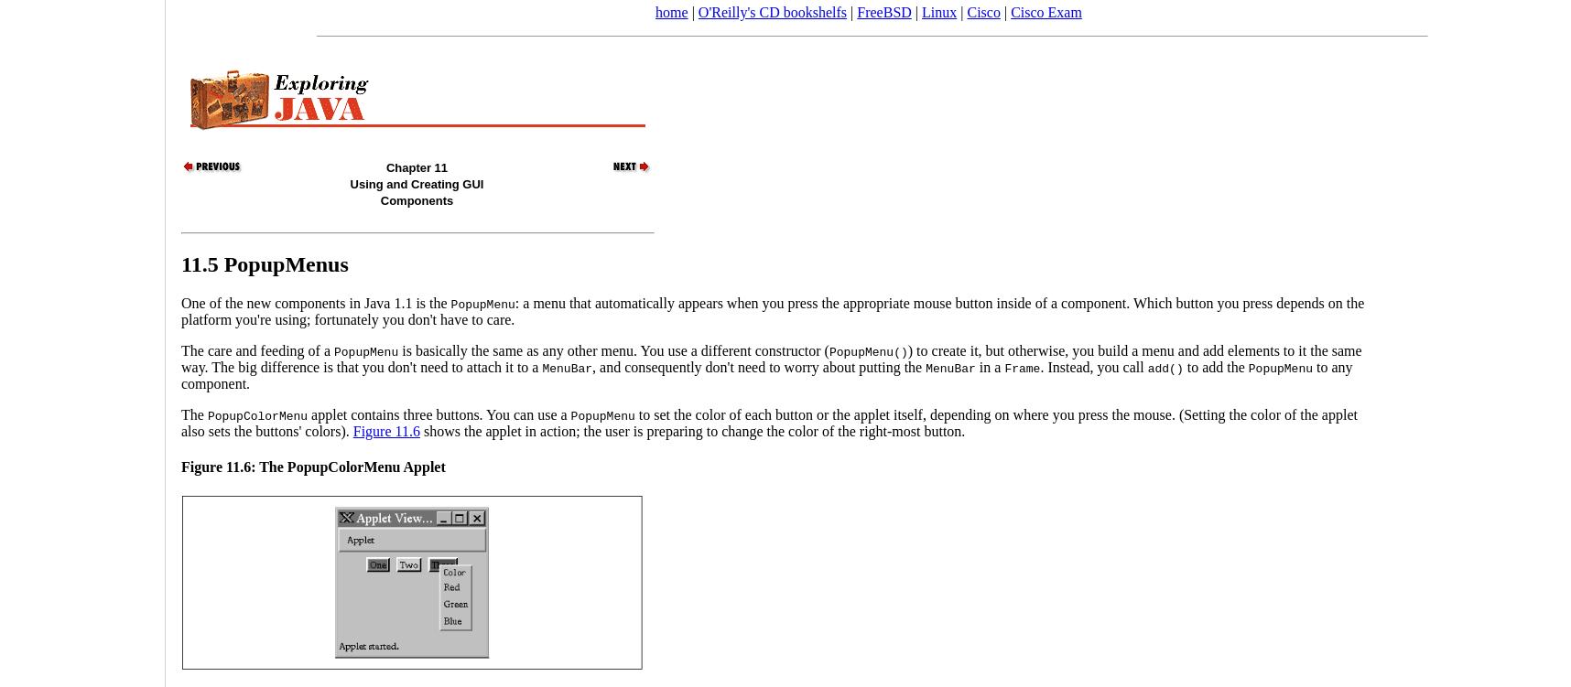  I want to click on 'to add the', so click(1214, 365).